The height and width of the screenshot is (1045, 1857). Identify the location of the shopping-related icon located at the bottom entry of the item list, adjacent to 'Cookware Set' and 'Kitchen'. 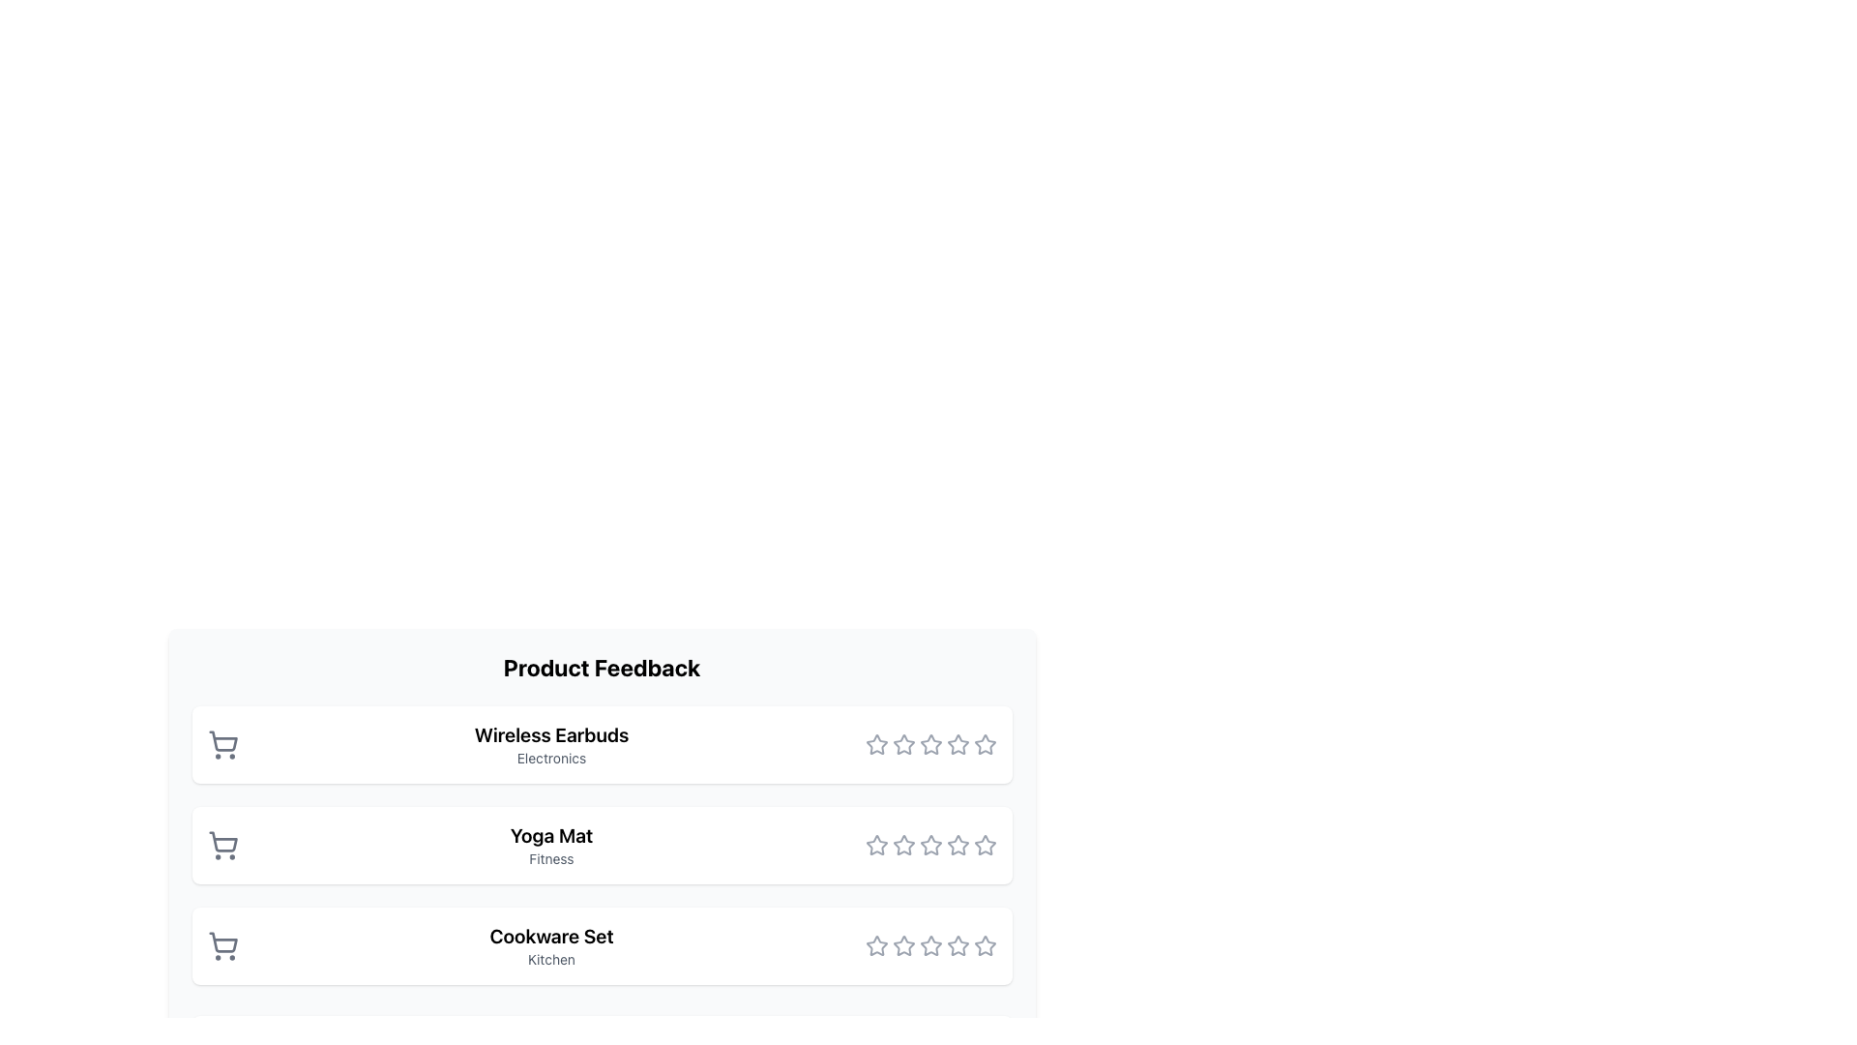
(222, 945).